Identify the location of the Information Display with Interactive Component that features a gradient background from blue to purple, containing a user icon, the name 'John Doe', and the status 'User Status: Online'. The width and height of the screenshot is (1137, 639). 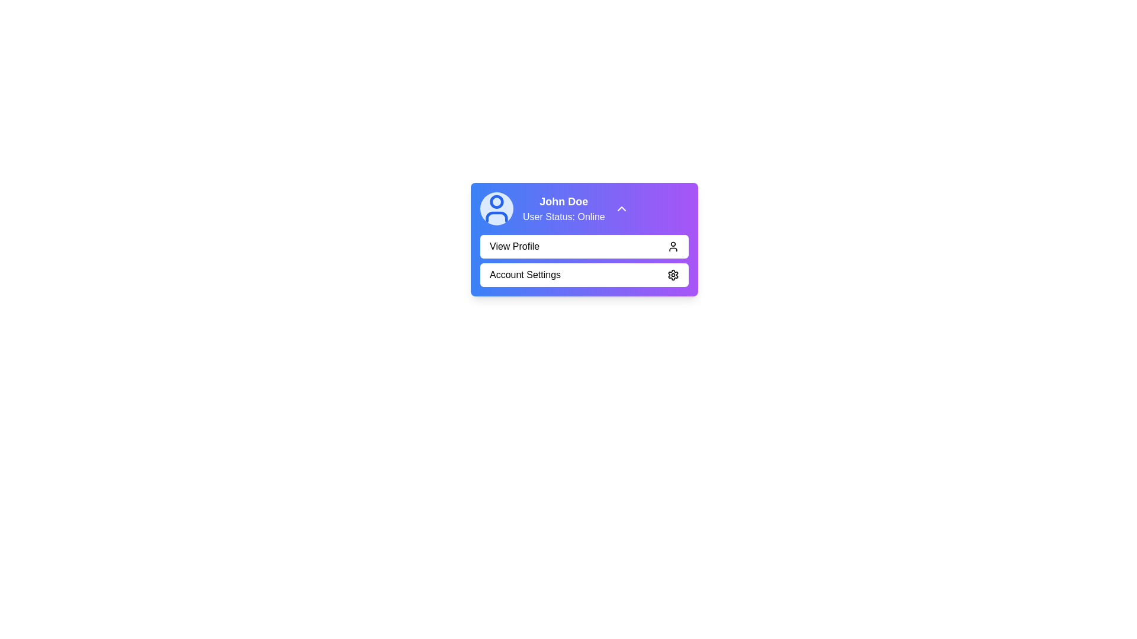
(584, 208).